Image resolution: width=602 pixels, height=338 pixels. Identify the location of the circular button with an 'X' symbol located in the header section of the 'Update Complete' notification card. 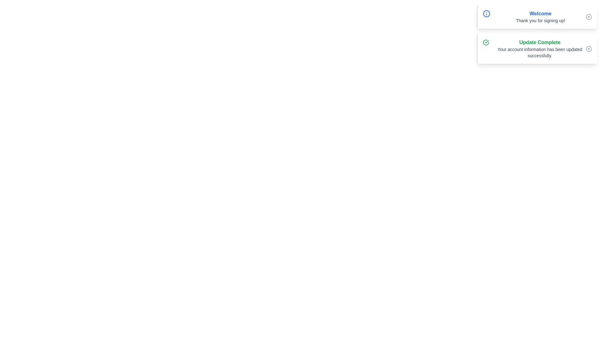
(588, 48).